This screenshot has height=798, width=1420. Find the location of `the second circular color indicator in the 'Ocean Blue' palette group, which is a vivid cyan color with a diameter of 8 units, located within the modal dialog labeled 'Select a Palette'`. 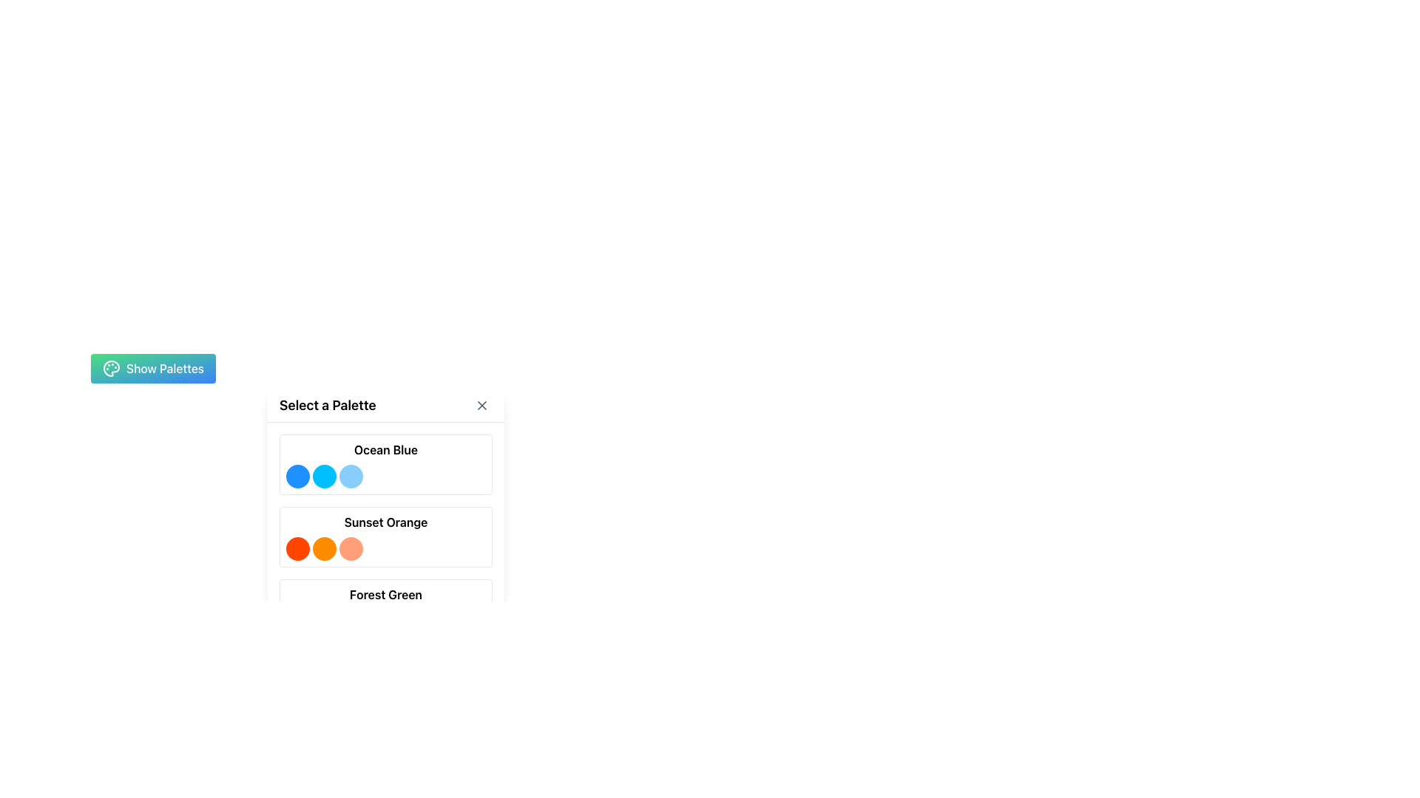

the second circular color indicator in the 'Ocean Blue' palette group, which is a vivid cyan color with a diameter of 8 units, located within the modal dialog labeled 'Select a Palette' is located at coordinates (323, 476).